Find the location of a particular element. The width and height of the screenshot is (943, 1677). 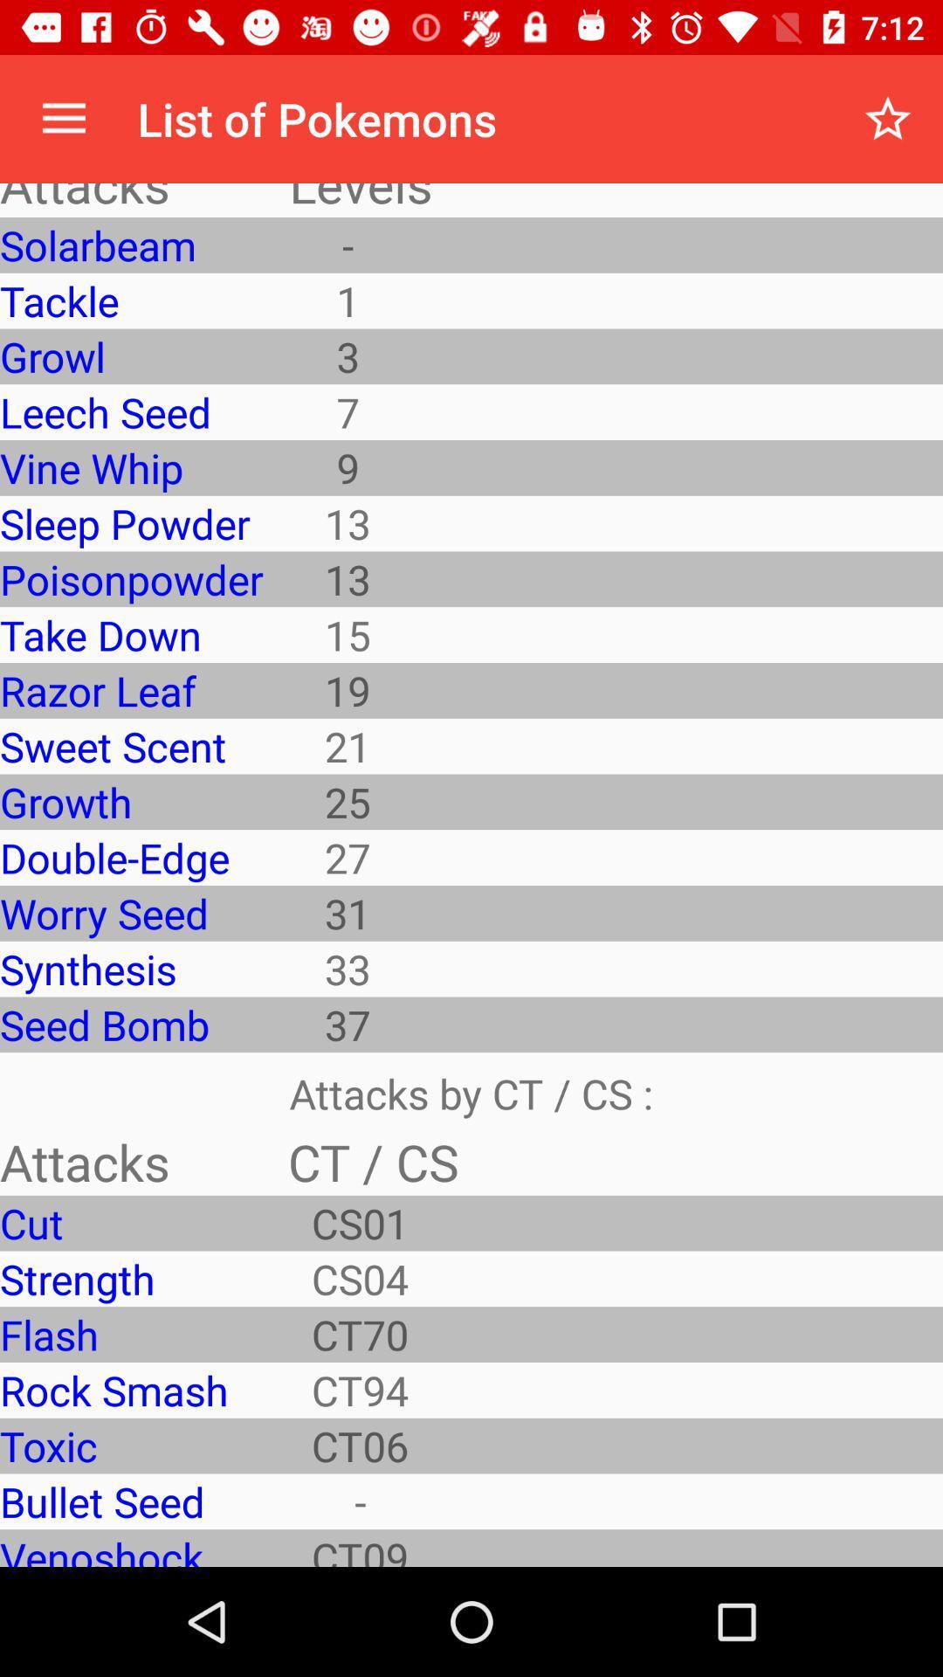

item to the left of 31 icon is located at coordinates (130, 968).